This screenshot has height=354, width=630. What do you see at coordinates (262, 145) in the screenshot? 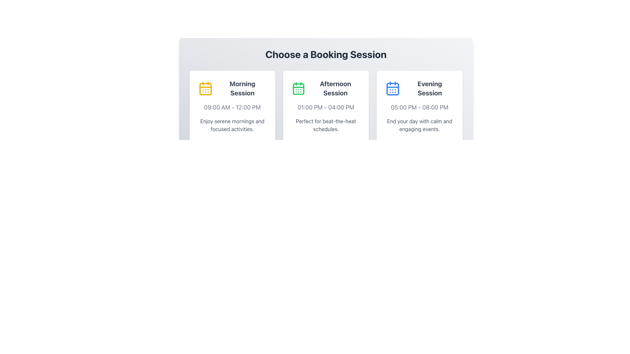
I see `decorative circle SVG graphic located at the bottom-left corner of the 'Morning Session' card, which has a gray stroke outline and no fill` at bounding box center [262, 145].